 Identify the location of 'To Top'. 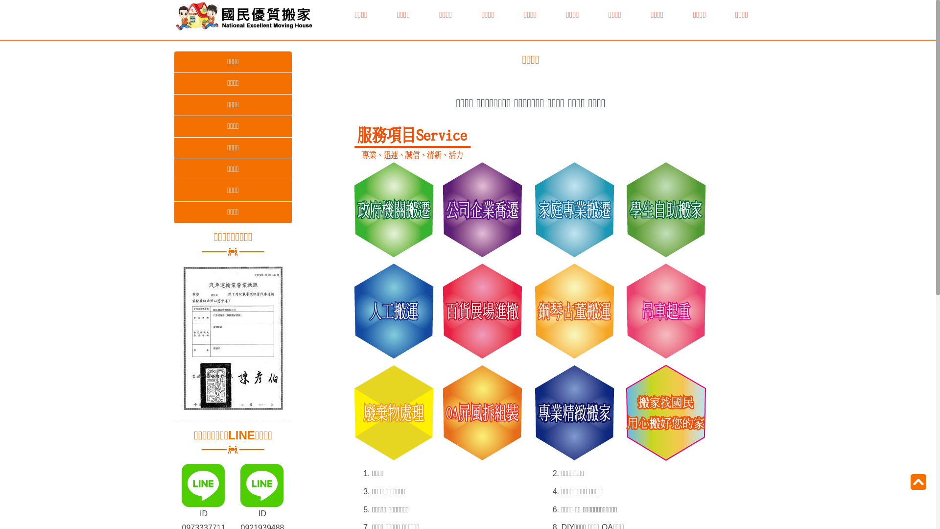
(918, 481).